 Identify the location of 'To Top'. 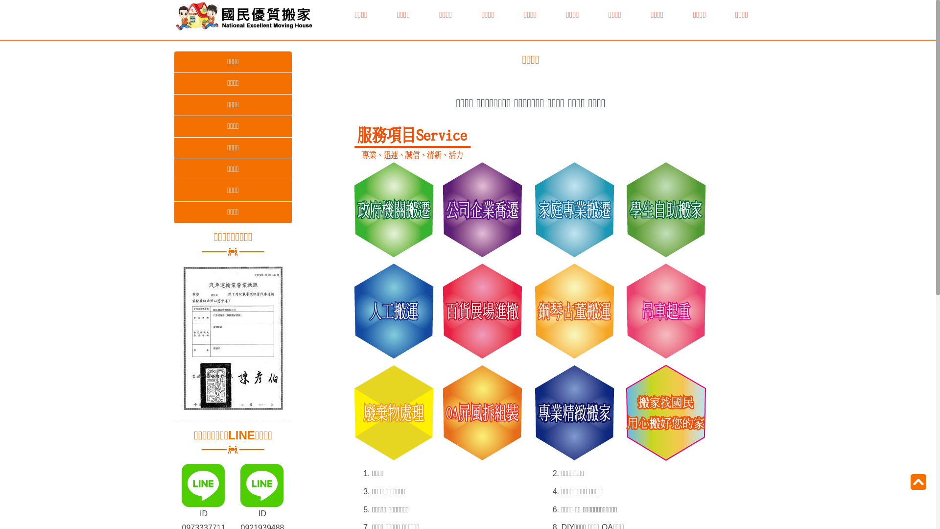
(918, 481).